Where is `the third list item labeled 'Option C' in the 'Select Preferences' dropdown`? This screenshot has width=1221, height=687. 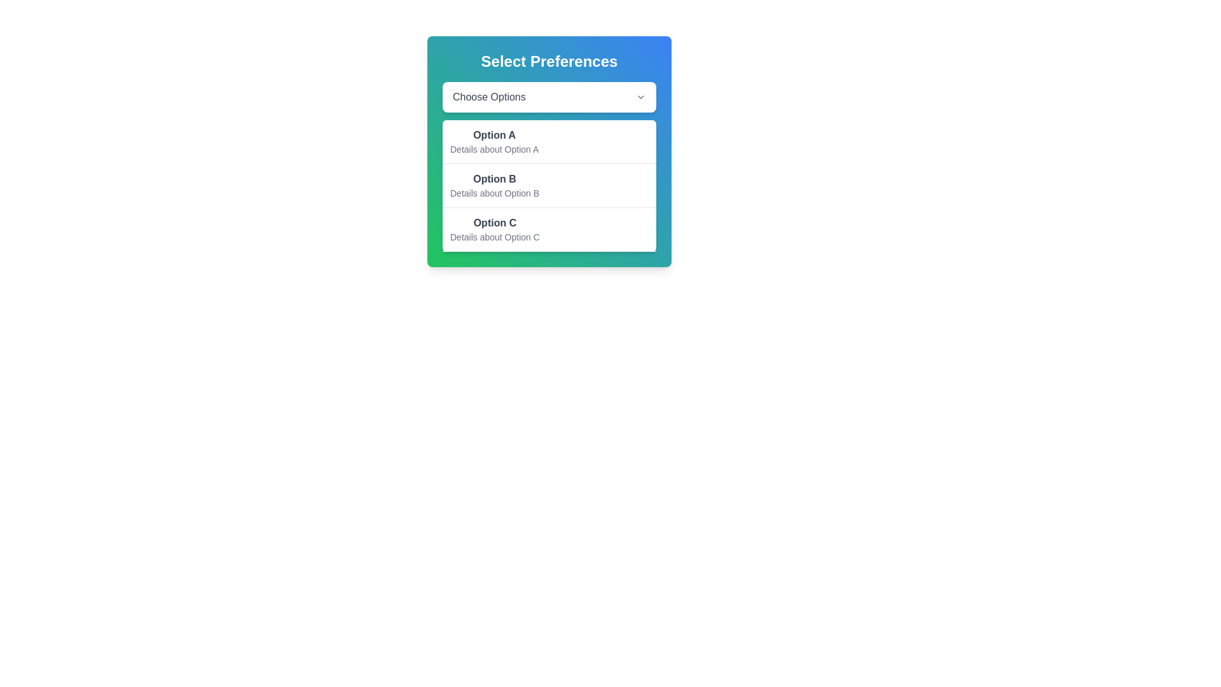
the third list item labeled 'Option C' in the 'Select Preferences' dropdown is located at coordinates (549, 230).